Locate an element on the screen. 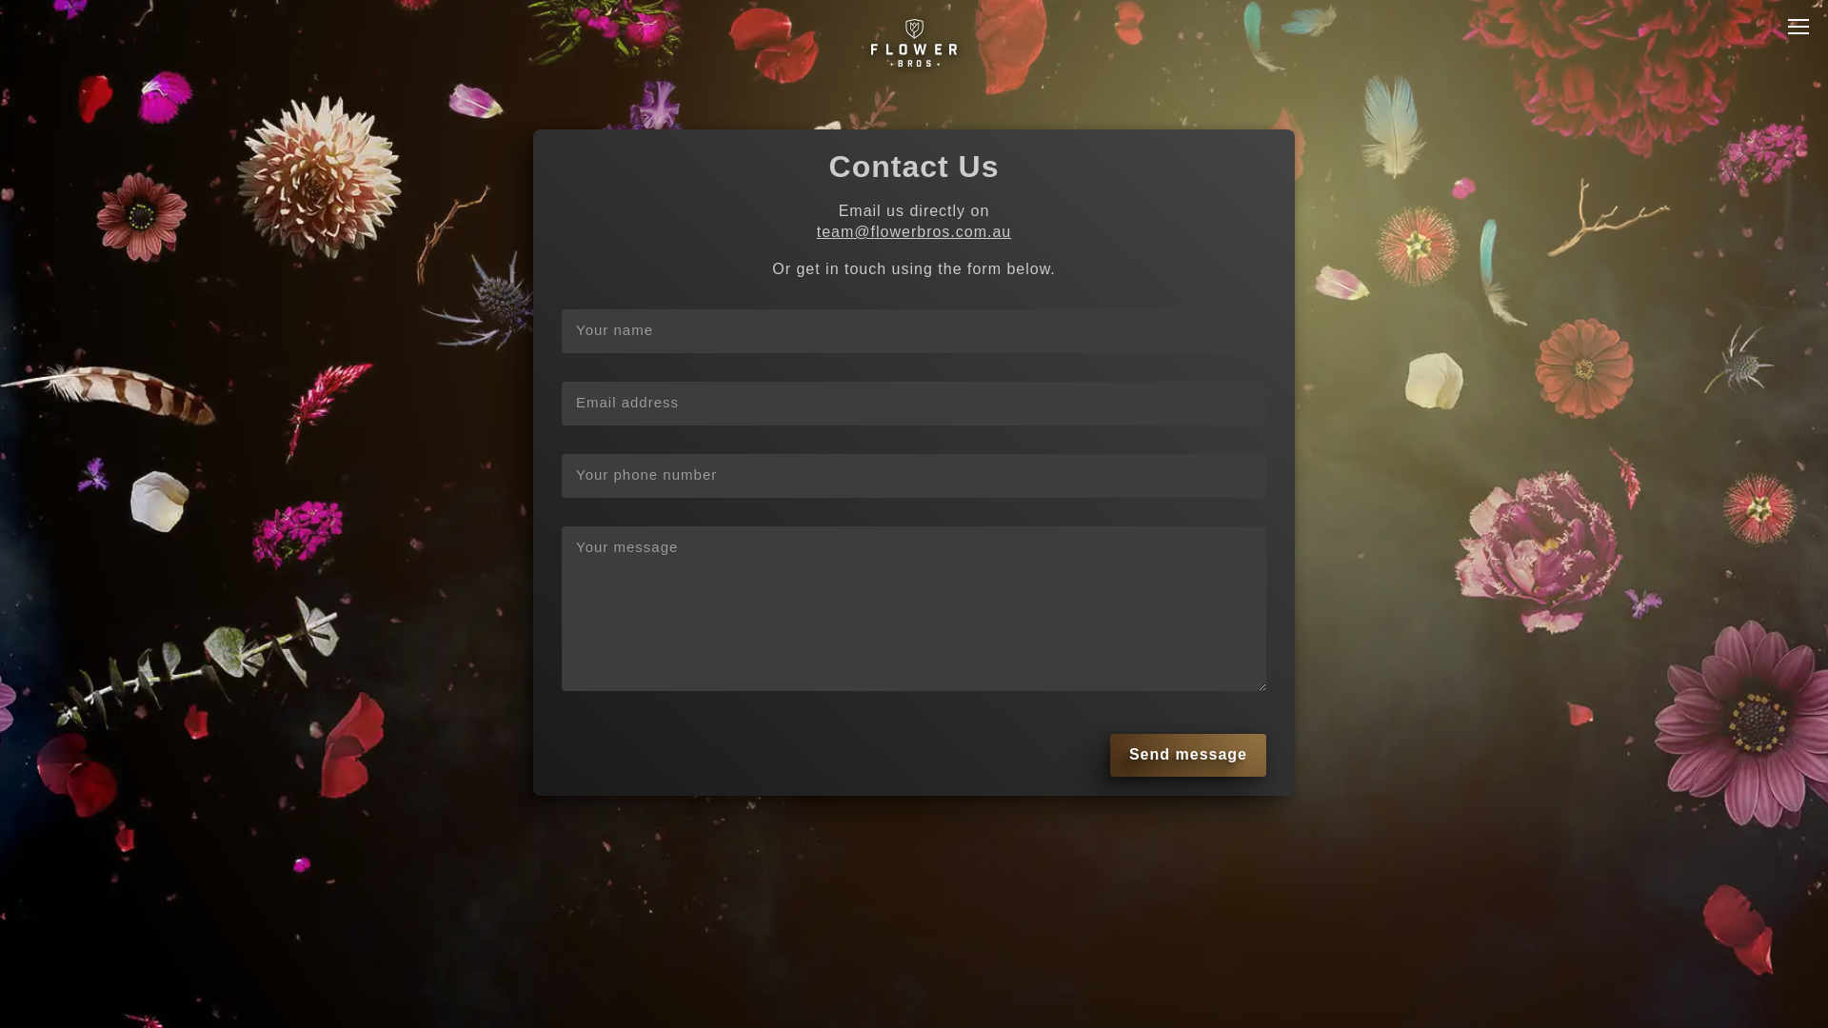 The image size is (1828, 1028). 'Send message' is located at coordinates (1187, 754).